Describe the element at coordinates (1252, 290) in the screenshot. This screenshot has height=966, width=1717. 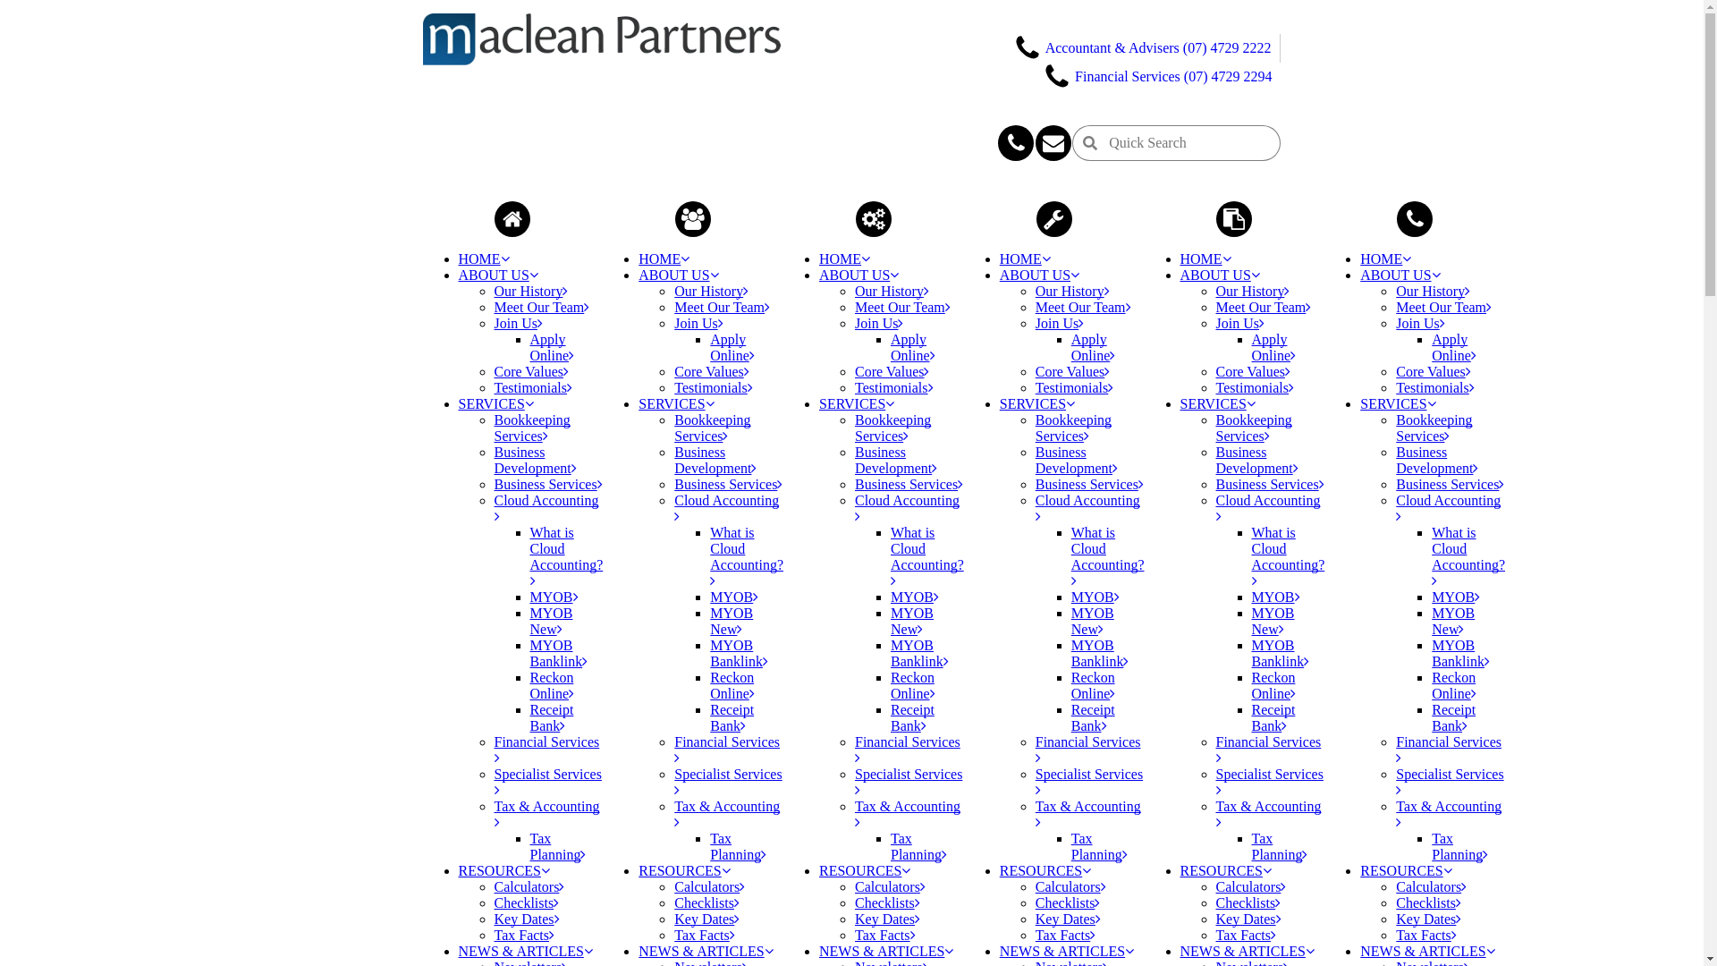
I see `'Our History'` at that location.